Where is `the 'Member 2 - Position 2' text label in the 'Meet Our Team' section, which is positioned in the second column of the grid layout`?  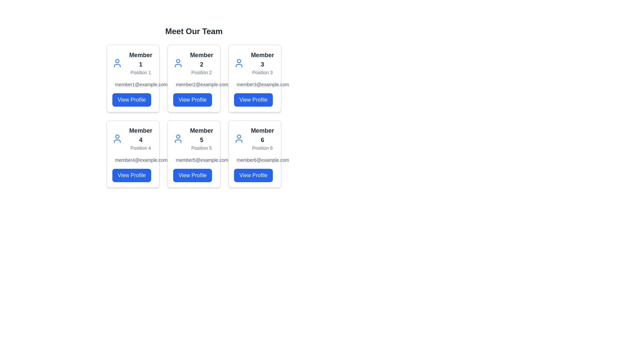 the 'Member 2 - Position 2' text label in the 'Meet Our Team' section, which is positioned in the second column of the grid layout is located at coordinates (201, 63).